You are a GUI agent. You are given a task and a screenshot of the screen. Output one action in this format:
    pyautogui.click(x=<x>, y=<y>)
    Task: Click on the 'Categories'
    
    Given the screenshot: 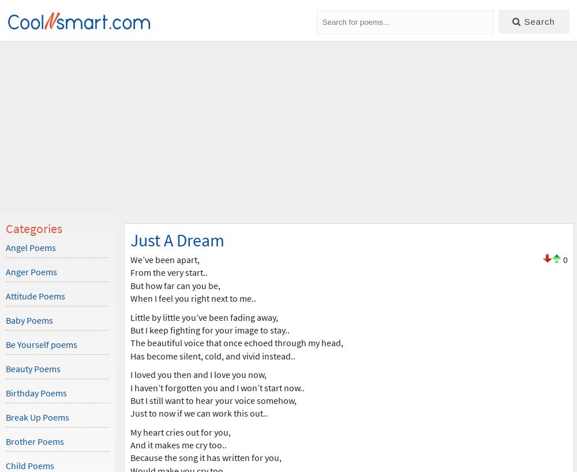 What is the action you would take?
    pyautogui.click(x=6, y=228)
    